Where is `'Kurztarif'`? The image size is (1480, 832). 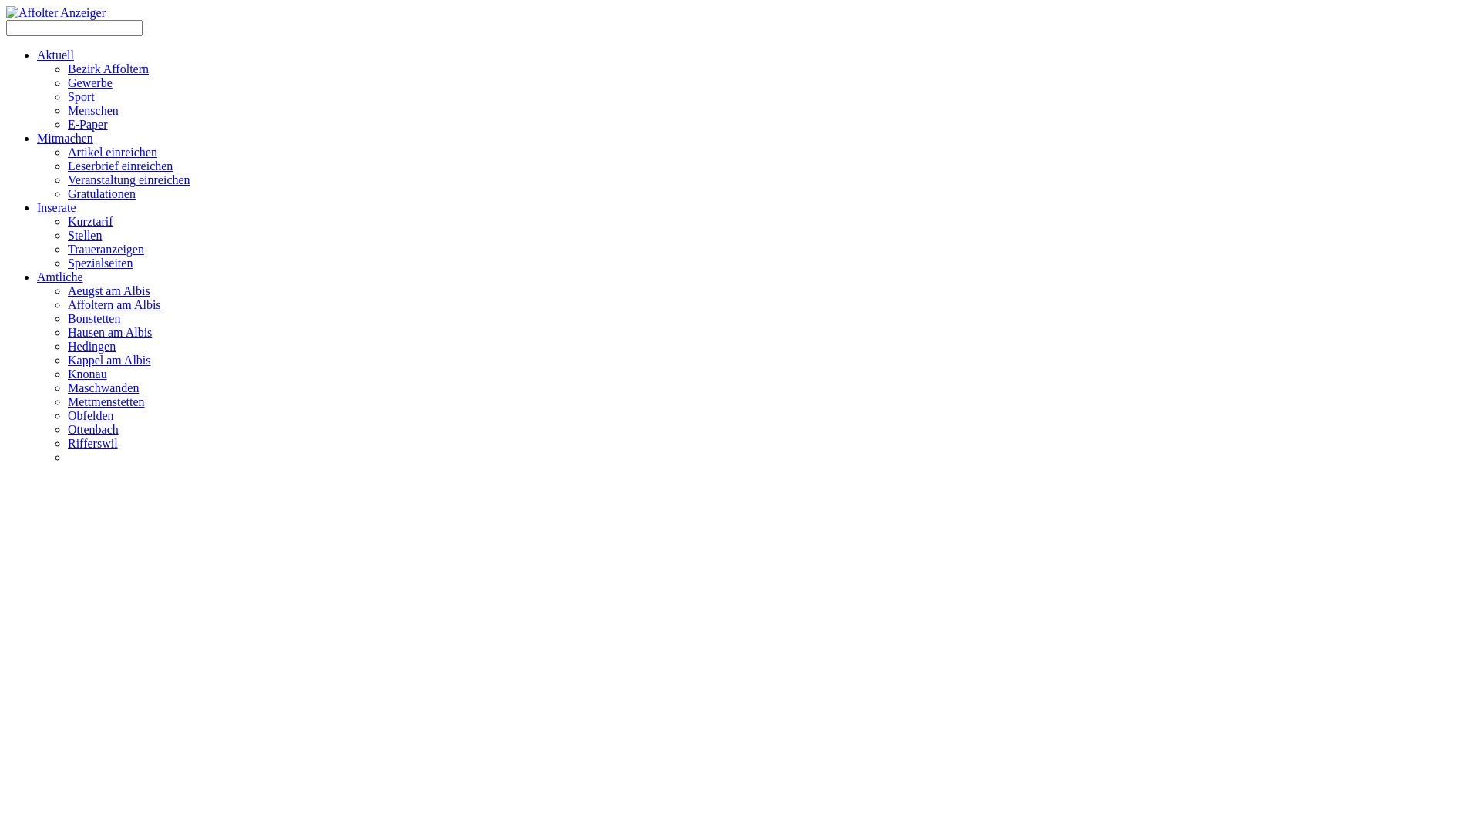
'Kurztarif' is located at coordinates (89, 221).